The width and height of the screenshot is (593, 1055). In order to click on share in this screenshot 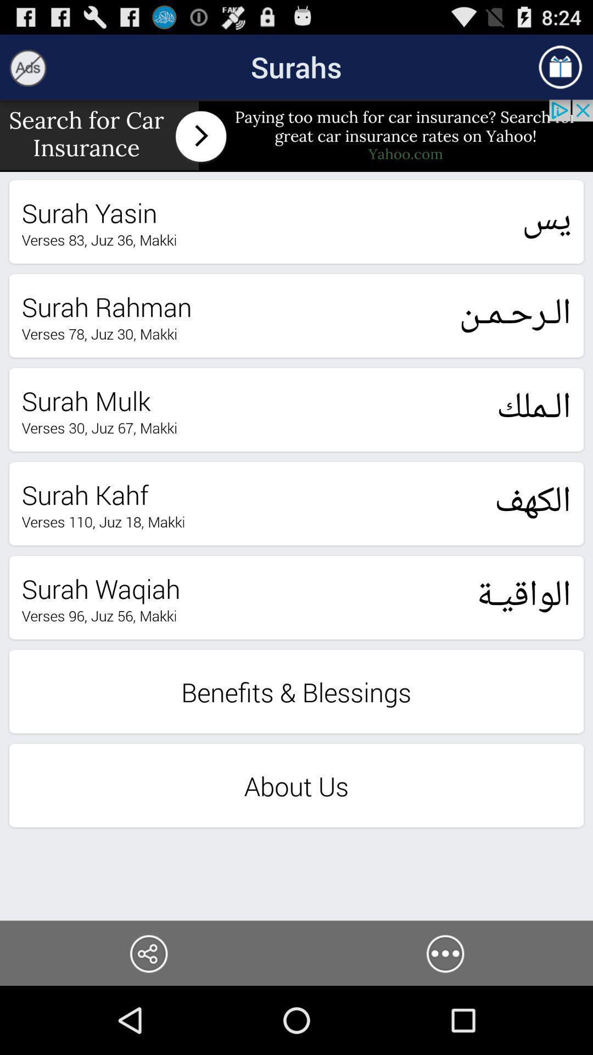, I will do `click(148, 952)`.